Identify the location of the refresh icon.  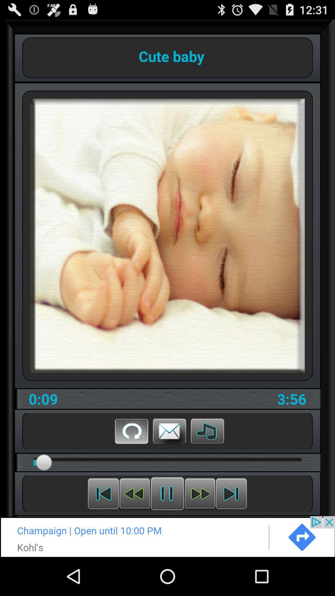
(131, 461).